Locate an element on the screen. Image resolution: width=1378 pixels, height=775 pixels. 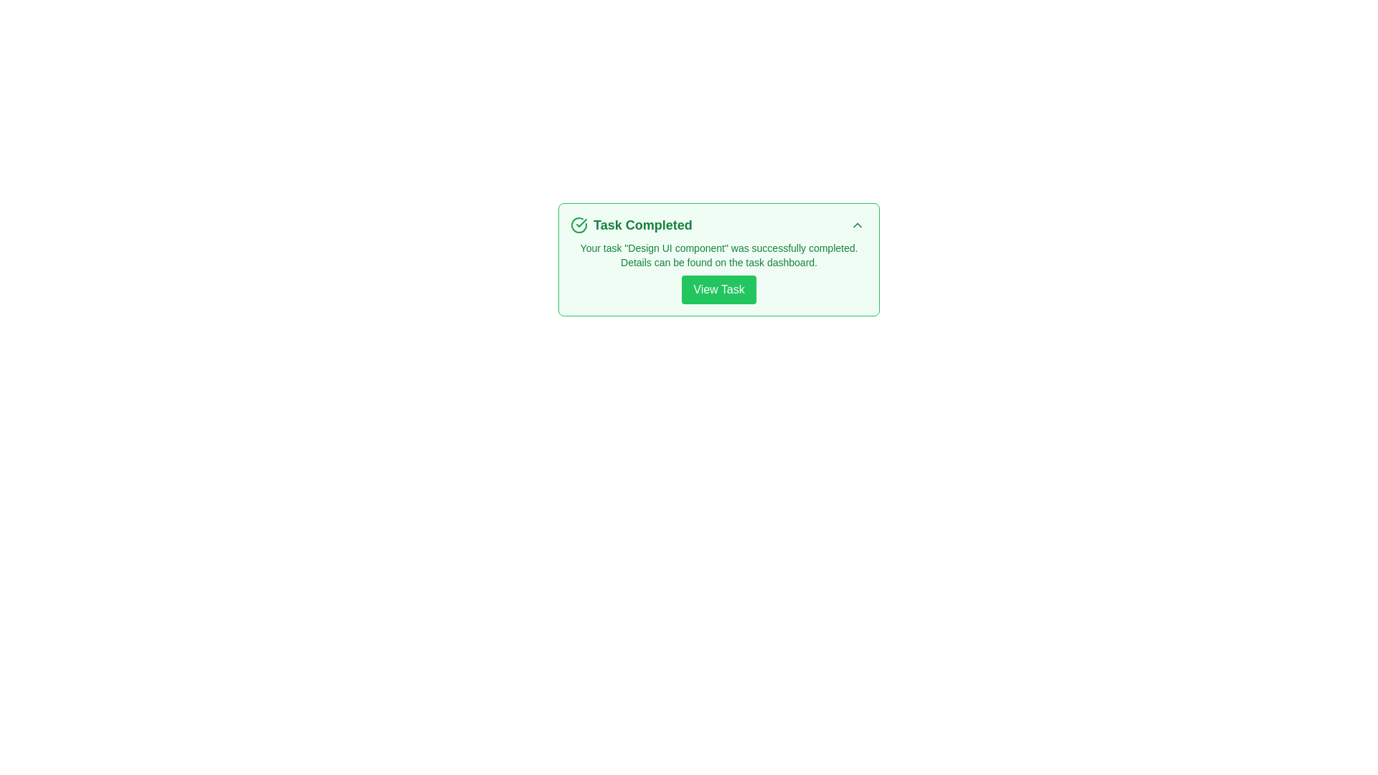
the static text label reading 'Task Completed' which is styled in a large bold green font and is located within an outlined green notification box is located at coordinates (642, 225).